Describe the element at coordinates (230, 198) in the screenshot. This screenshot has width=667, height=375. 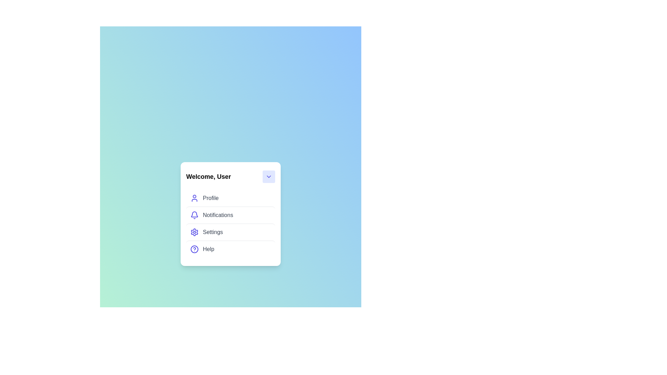
I see `the menu item Profile in the UserProfileMenu` at that location.